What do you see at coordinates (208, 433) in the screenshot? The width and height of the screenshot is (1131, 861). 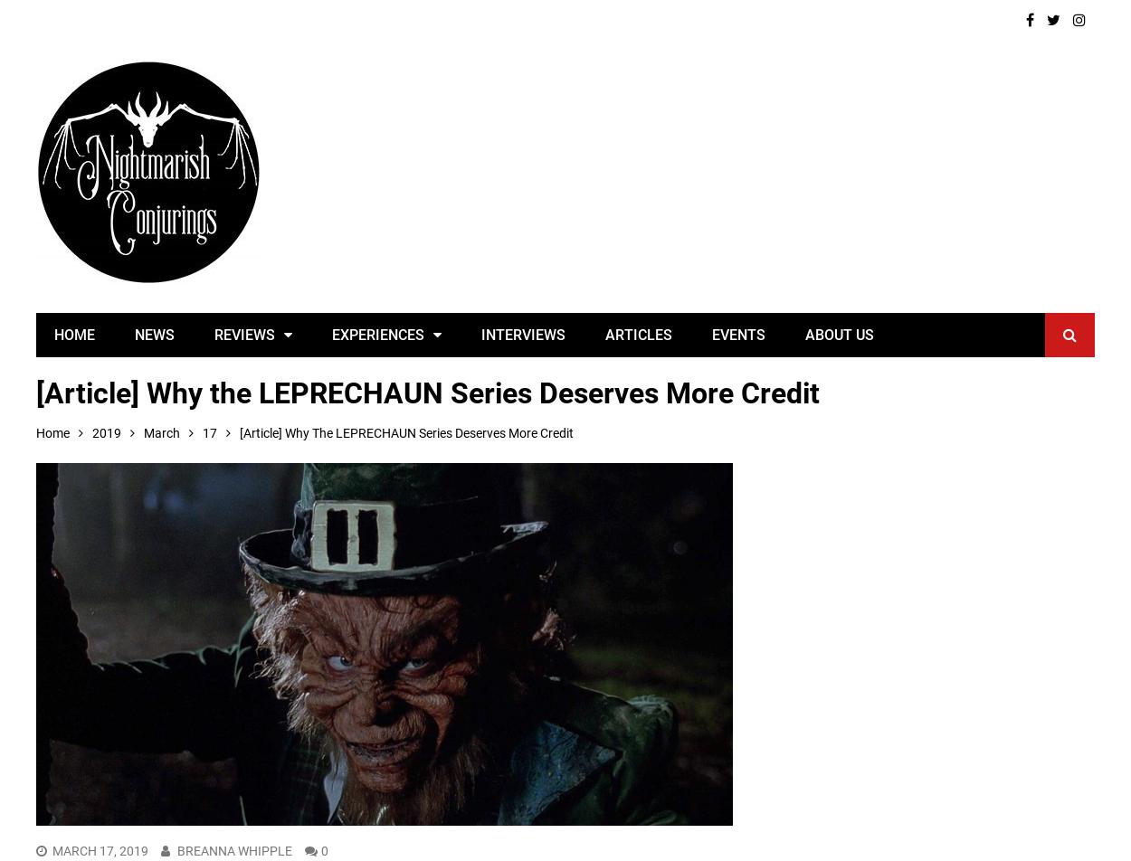 I see `'17'` at bounding box center [208, 433].